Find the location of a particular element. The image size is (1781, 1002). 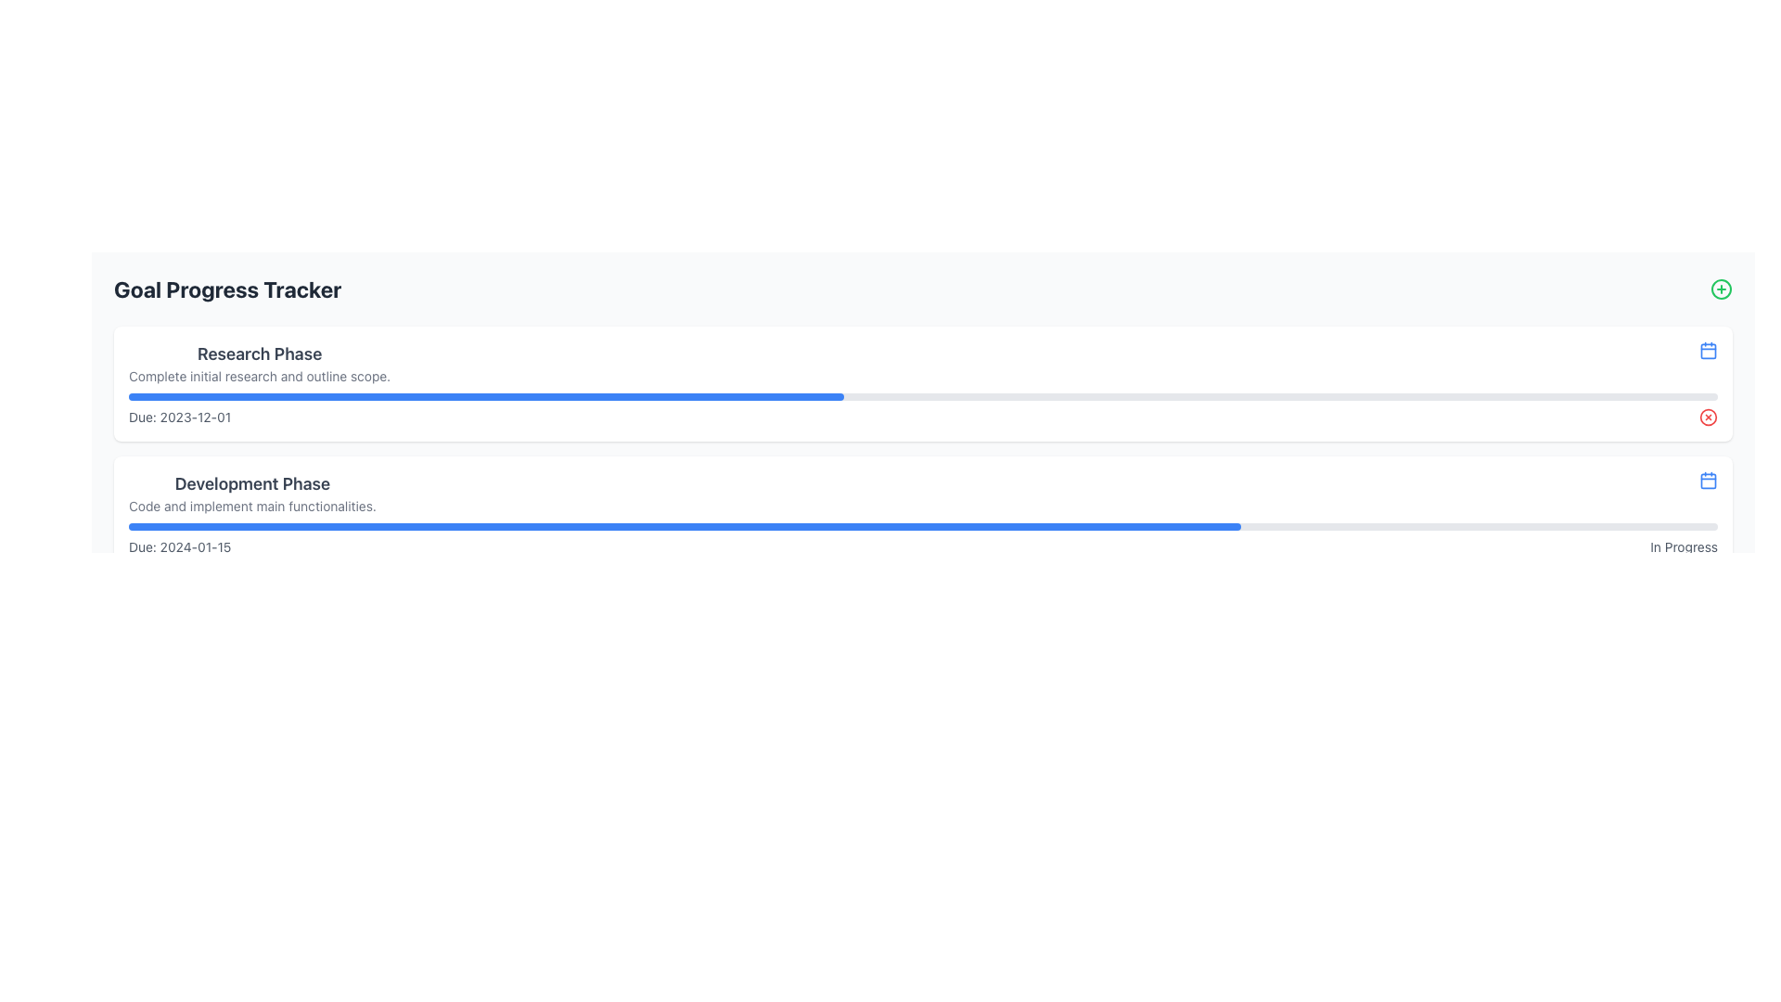

the progress indicator bar that visually represents the completion status of the 'Development Phase' task in the 'Goal Progress Tracker' is located at coordinates (684, 526).